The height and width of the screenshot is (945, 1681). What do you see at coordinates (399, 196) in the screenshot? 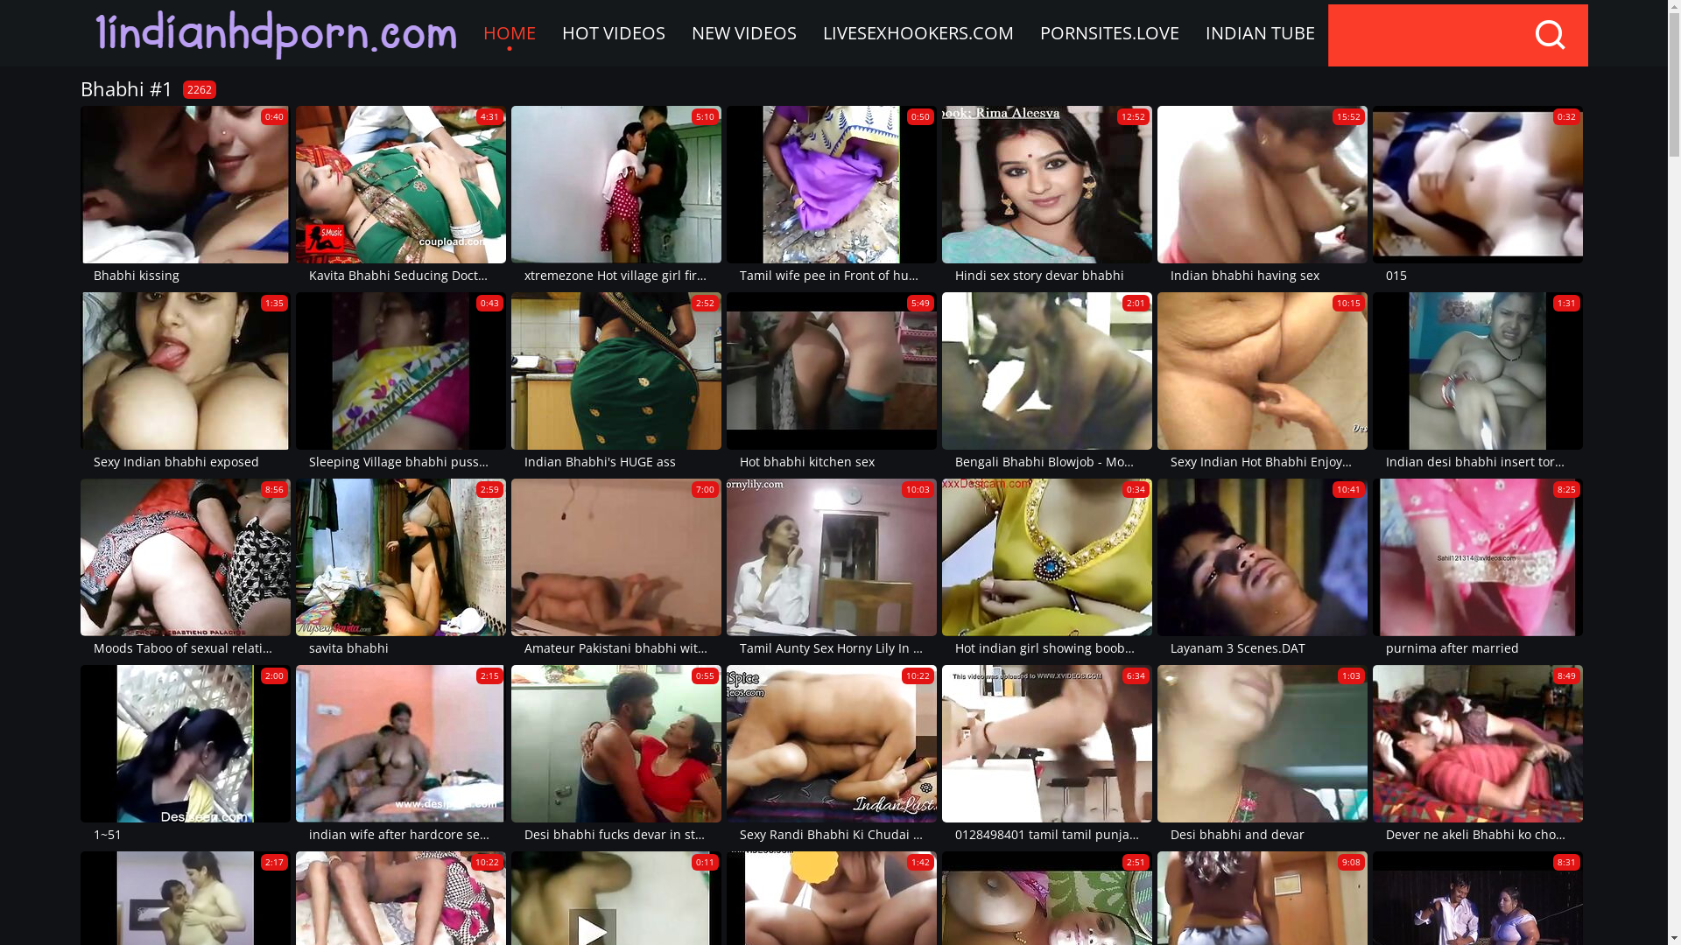
I see `'4:31` at bounding box center [399, 196].